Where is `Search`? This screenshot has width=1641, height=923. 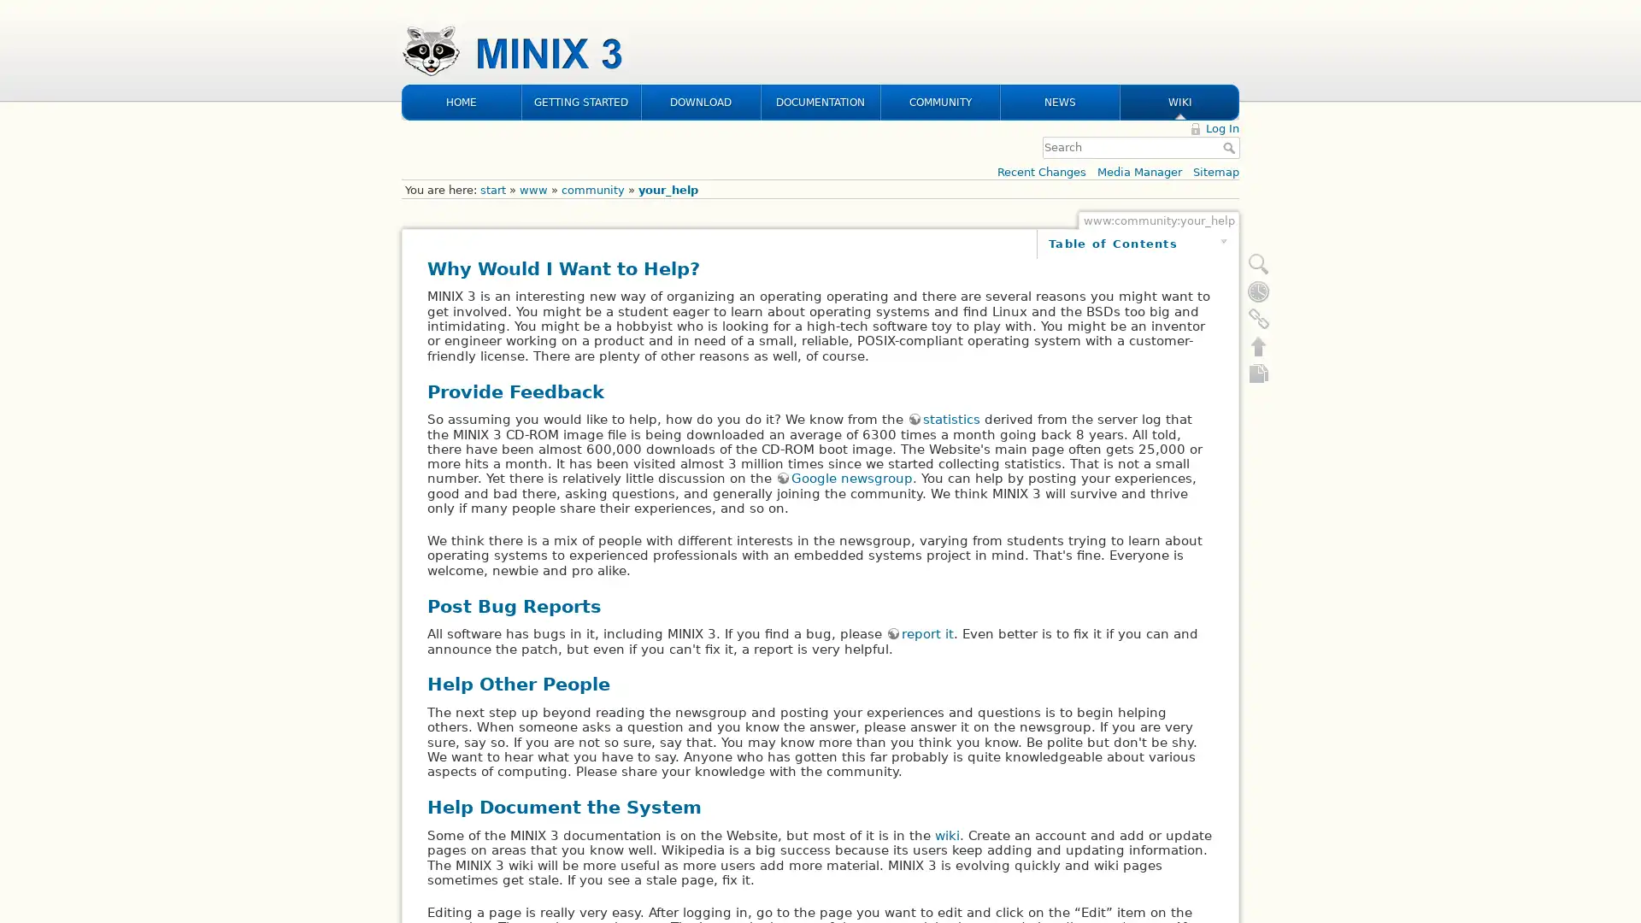
Search is located at coordinates (1231, 36).